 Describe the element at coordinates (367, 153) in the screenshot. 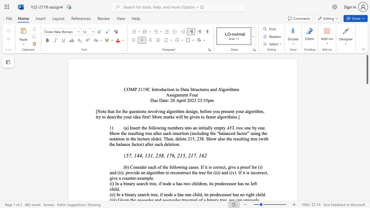

I see `the side scrollbar to bring the page down` at that location.